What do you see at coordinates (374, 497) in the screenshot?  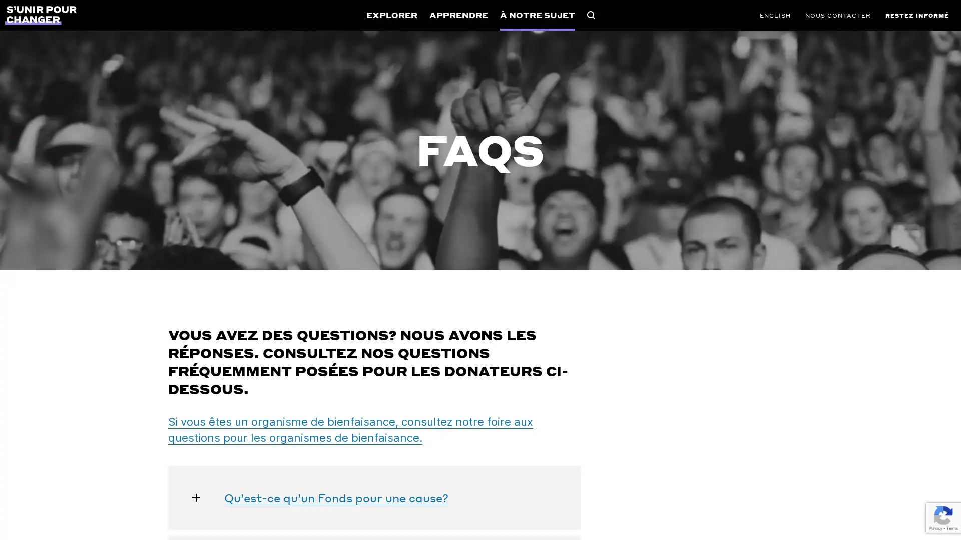 I see `Quest-ce quun Fonds pour une cause?` at bounding box center [374, 497].